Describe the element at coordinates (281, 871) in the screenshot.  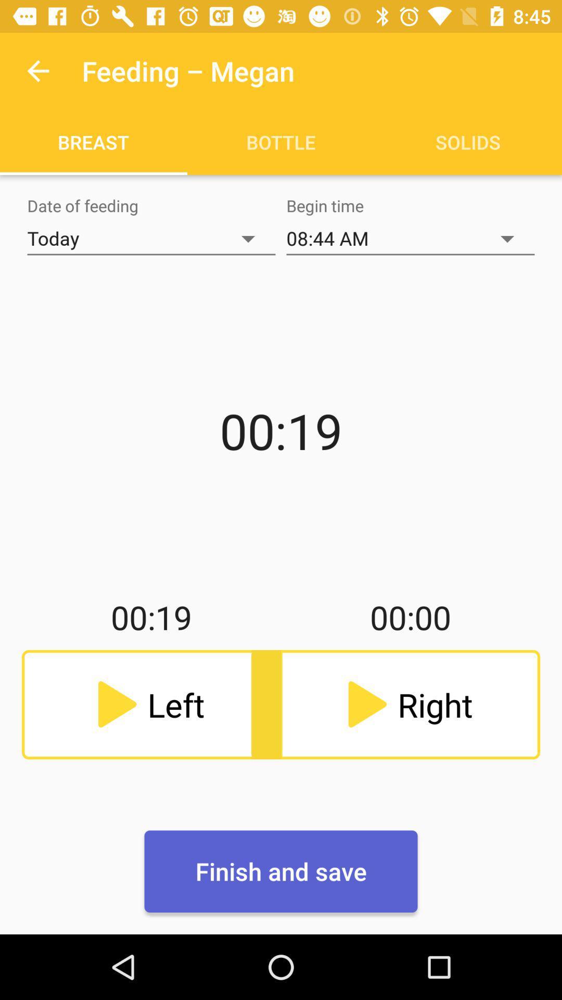
I see `finish and save item` at that location.